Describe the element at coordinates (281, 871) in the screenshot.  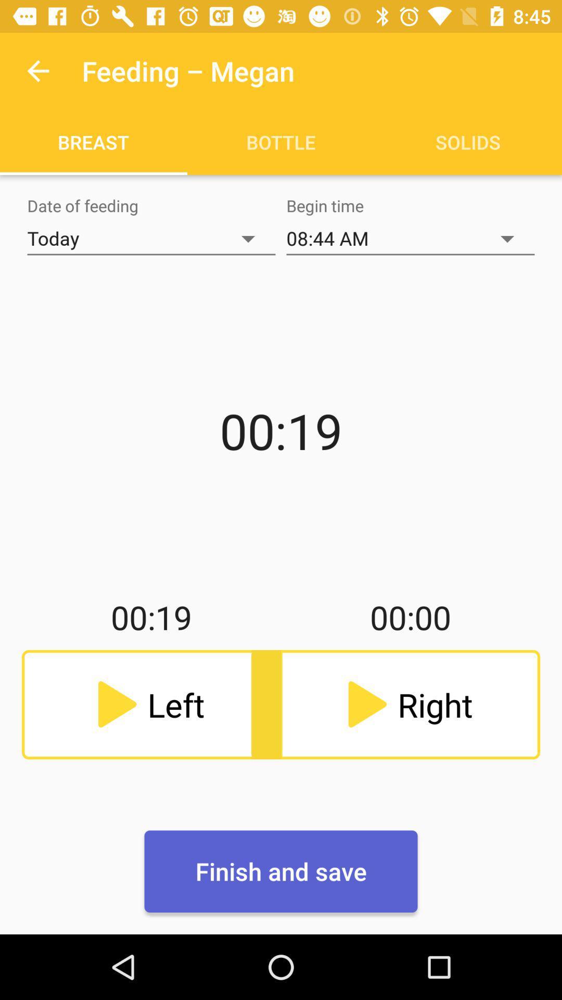
I see `finish and save item` at that location.